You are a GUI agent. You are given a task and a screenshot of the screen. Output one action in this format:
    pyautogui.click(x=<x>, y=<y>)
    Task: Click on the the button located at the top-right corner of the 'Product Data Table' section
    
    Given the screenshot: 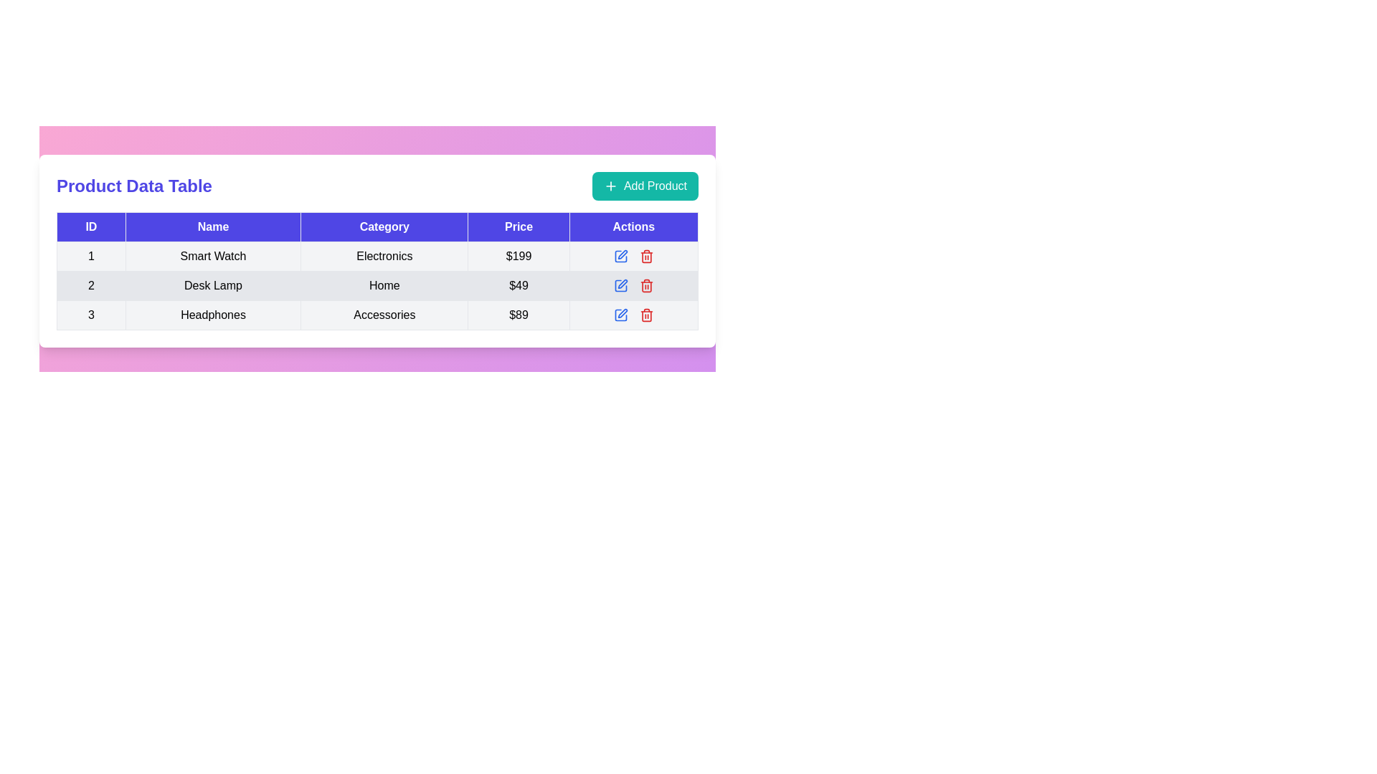 What is the action you would take?
    pyautogui.click(x=643, y=185)
    